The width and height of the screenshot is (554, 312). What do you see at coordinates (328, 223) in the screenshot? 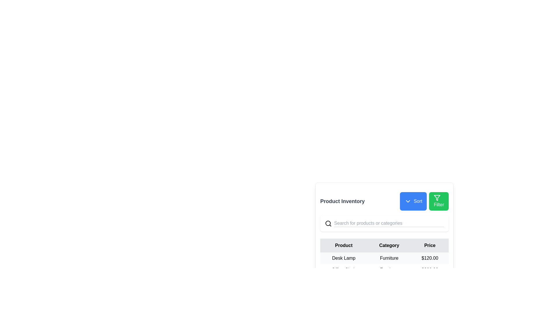
I see `the circular magnifying glass search icon located on the left side of the search bar to initiate a search` at bounding box center [328, 223].